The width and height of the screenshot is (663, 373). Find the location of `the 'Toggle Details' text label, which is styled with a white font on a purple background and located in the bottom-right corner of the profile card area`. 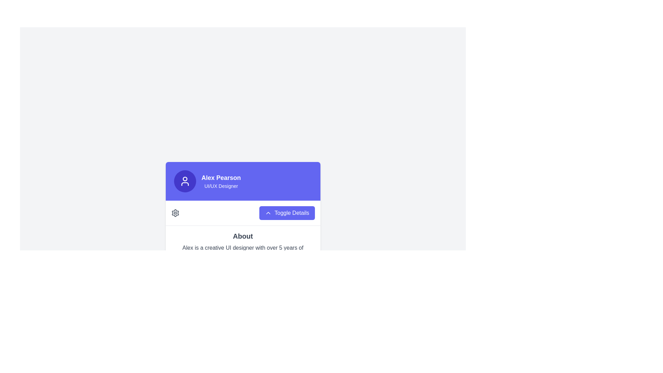

the 'Toggle Details' text label, which is styled with a white font on a purple background and located in the bottom-right corner of the profile card area is located at coordinates (292, 212).